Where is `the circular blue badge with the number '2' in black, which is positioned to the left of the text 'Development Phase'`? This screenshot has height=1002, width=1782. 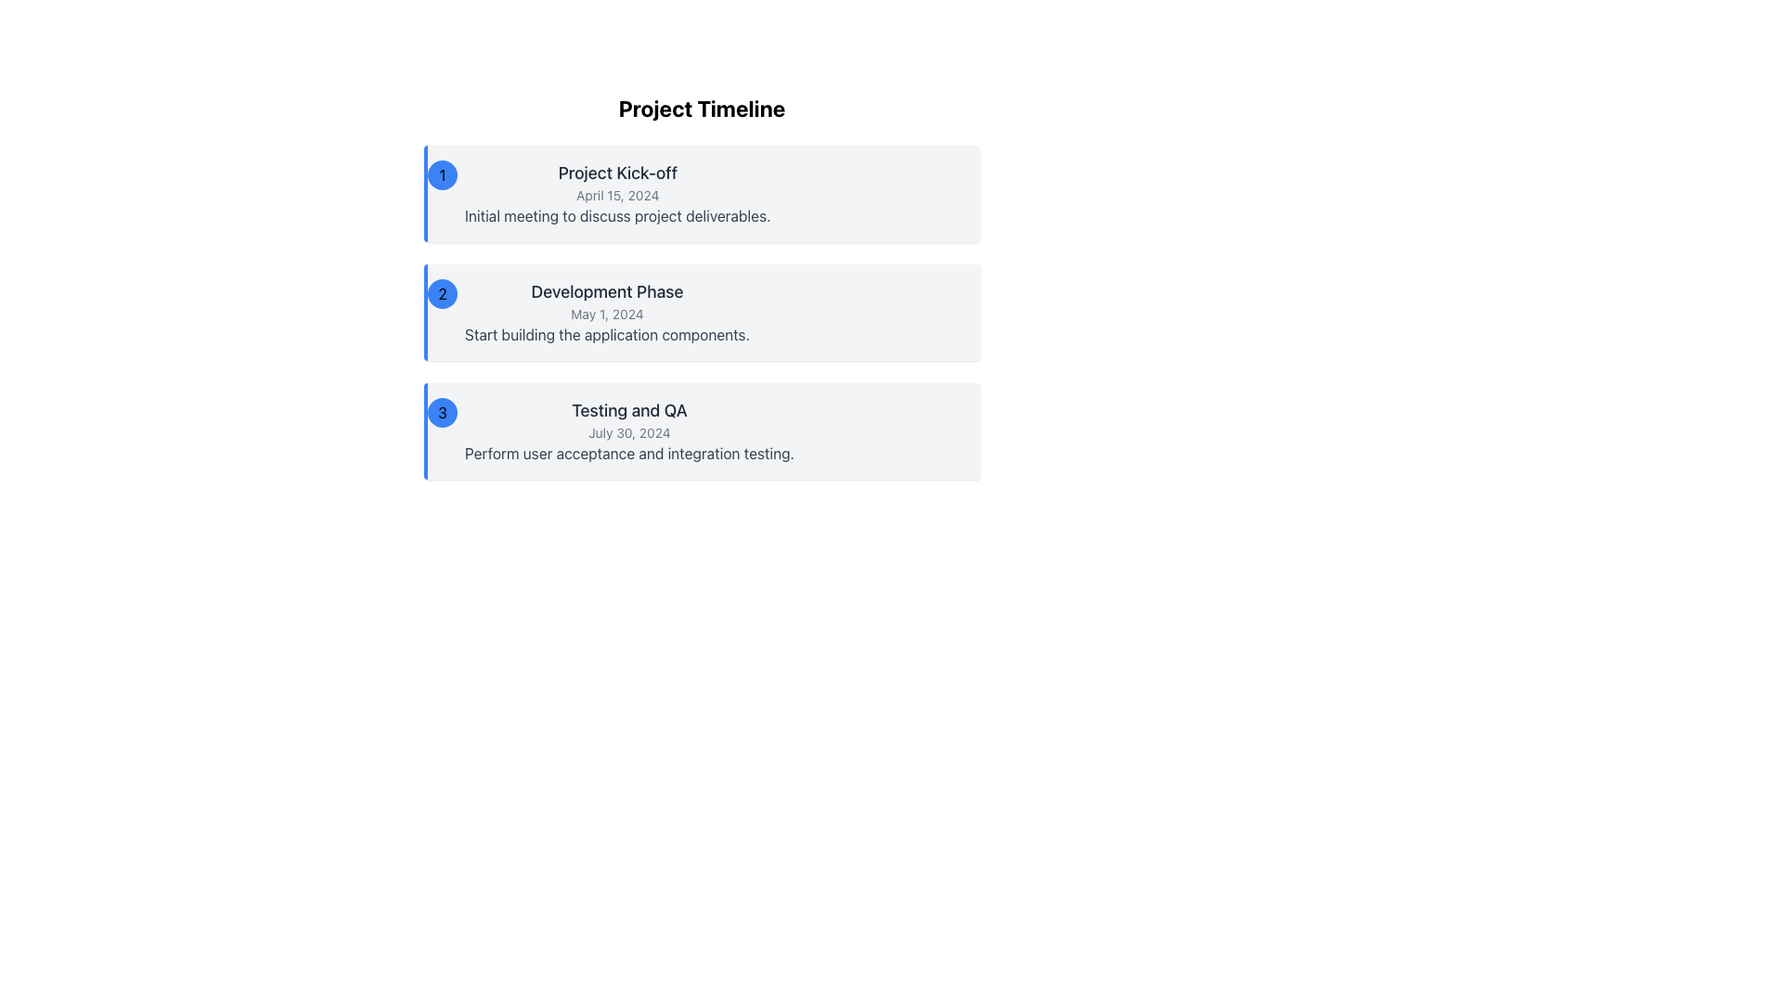 the circular blue badge with the number '2' in black, which is positioned to the left of the text 'Development Phase' is located at coordinates (441, 292).